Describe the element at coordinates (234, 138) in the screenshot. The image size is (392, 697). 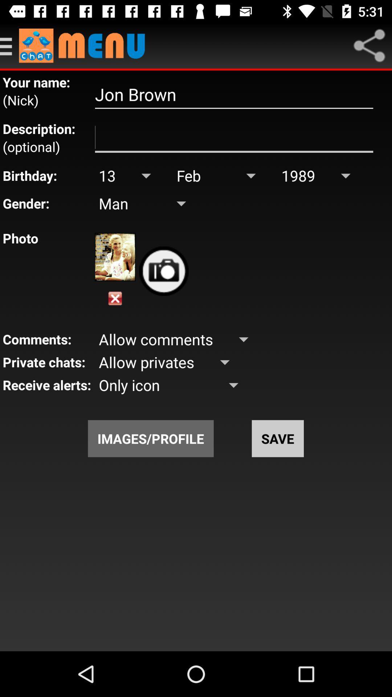
I see `text field` at that location.